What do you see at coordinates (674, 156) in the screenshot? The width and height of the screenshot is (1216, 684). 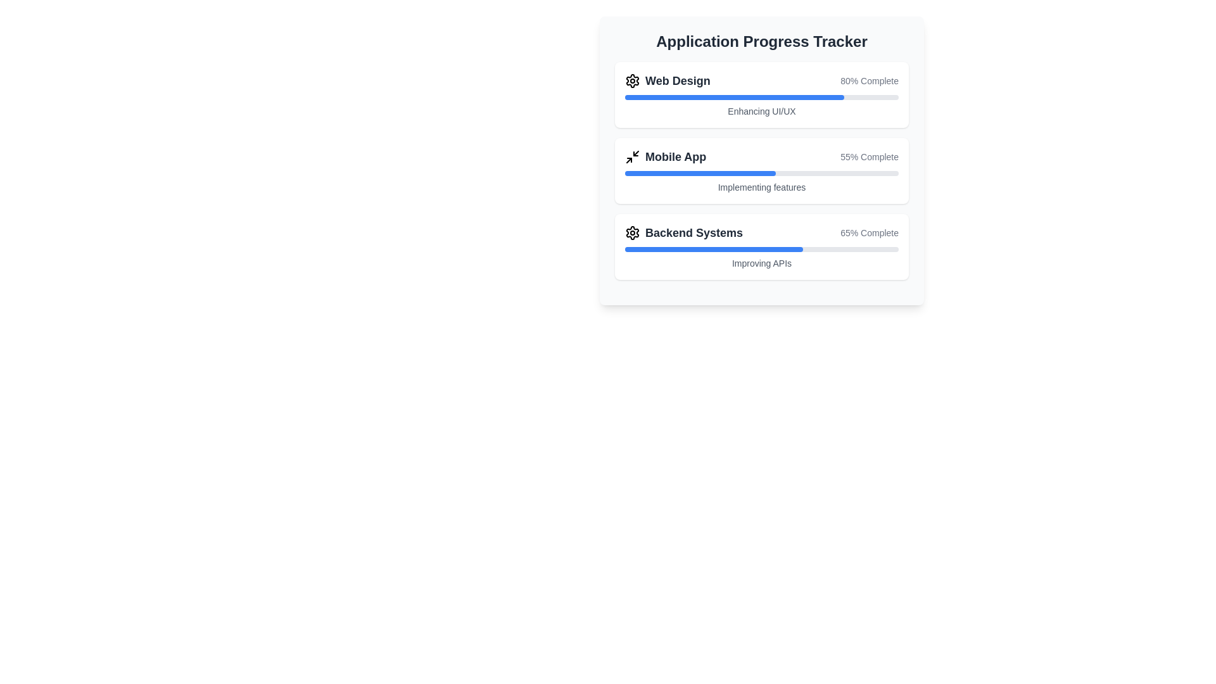 I see `the 'Mobile App' text label, which serves as a descriptive title for the progress tracker section, aiding users in identifying the purpose of the associated progress bar and status details` at bounding box center [674, 156].